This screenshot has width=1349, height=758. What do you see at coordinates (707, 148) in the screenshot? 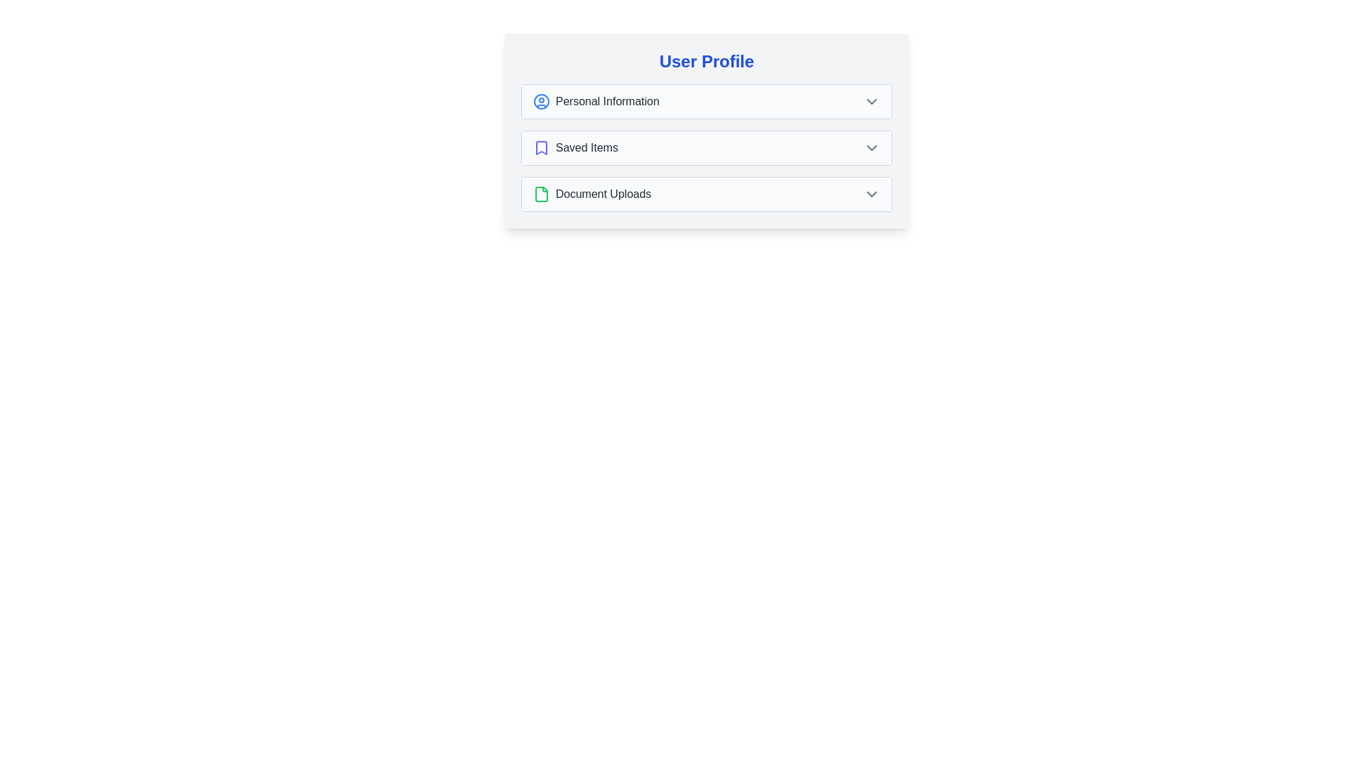
I see `the second menu item in the 'User Profile' section` at bounding box center [707, 148].